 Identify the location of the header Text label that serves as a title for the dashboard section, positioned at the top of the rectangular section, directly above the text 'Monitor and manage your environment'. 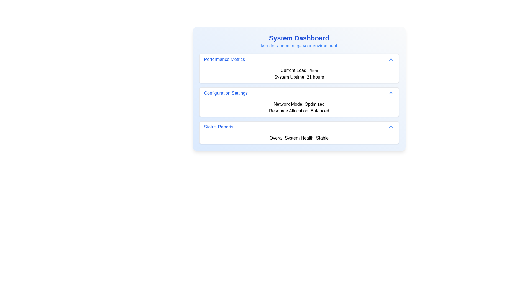
(299, 38).